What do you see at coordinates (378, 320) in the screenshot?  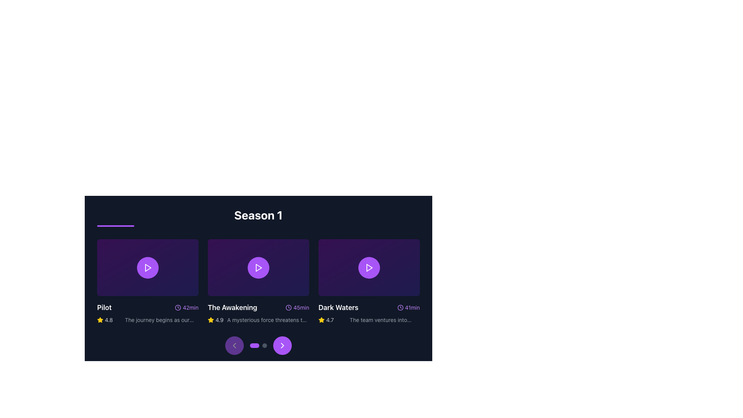 I see `text label providing a brief description of the 'Dark Waters' episode, located in the bottom right of the card, positioned below the title and next to the yellow star icon` at bounding box center [378, 320].